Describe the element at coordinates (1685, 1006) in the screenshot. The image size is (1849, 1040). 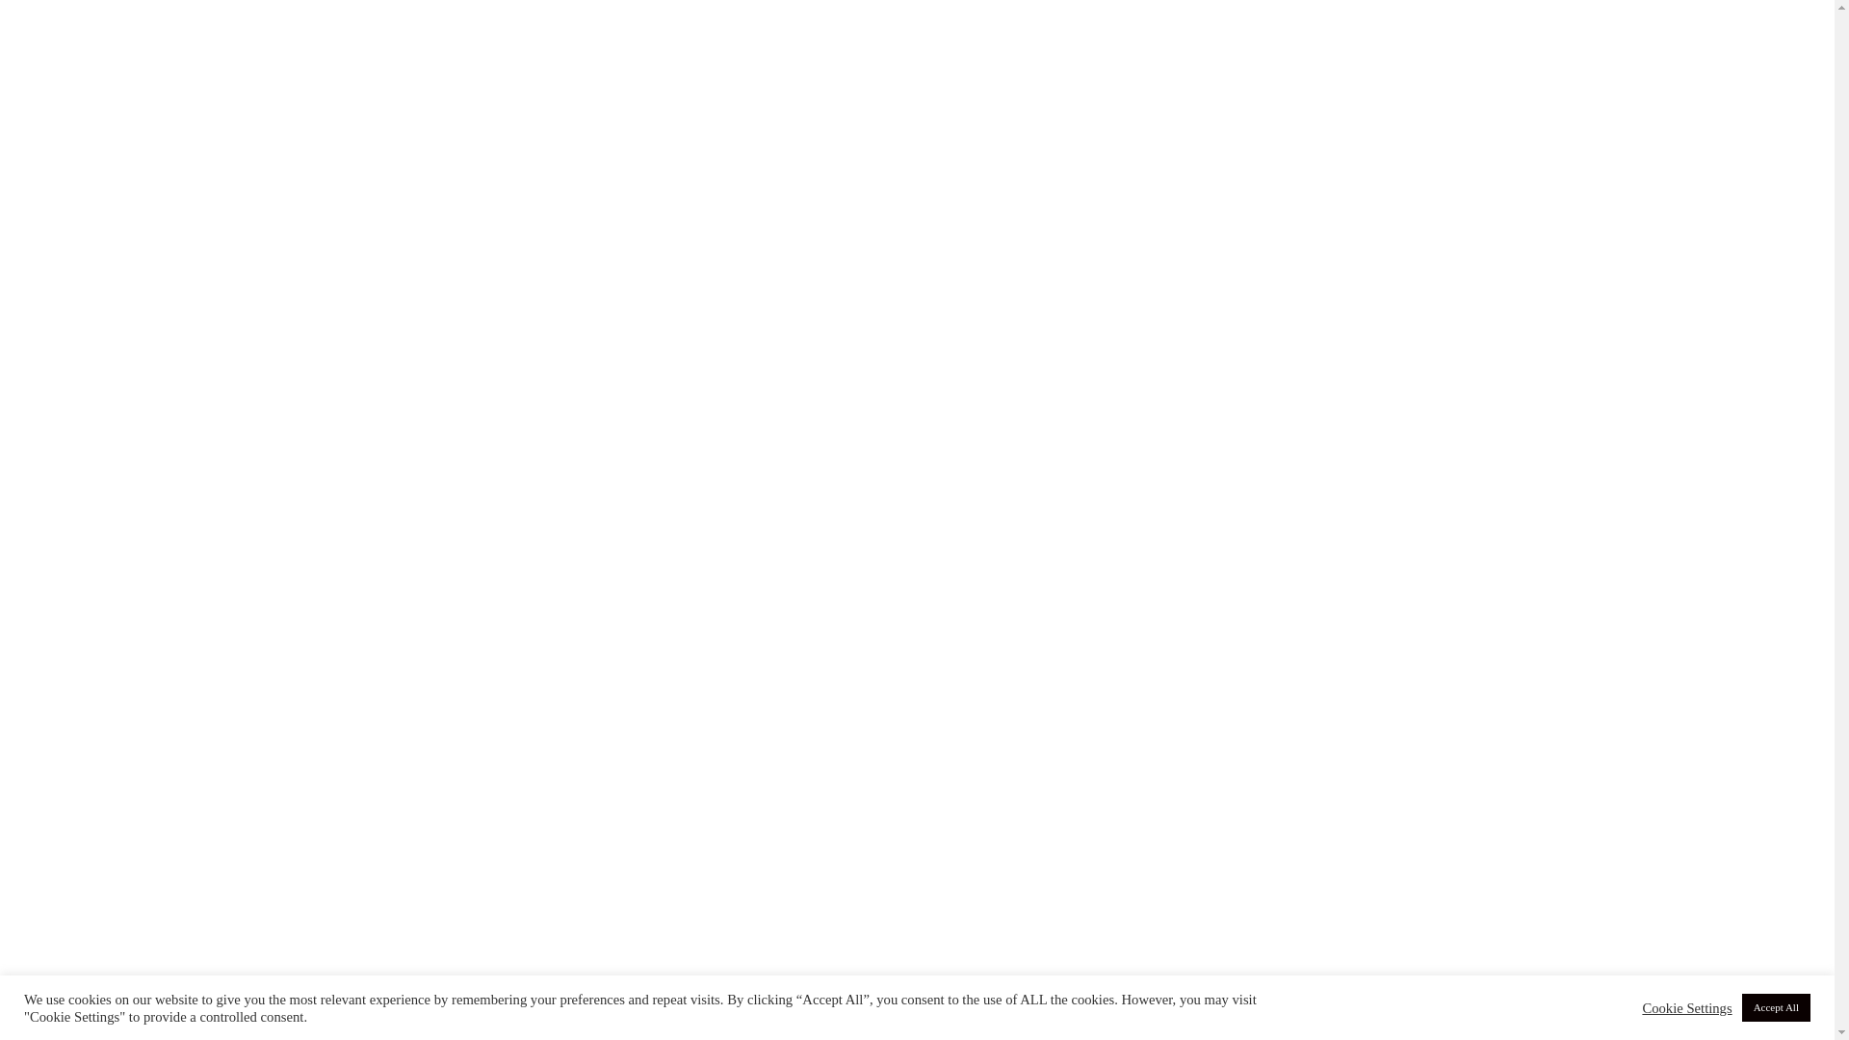
I see `'Cookie Settings'` at that location.